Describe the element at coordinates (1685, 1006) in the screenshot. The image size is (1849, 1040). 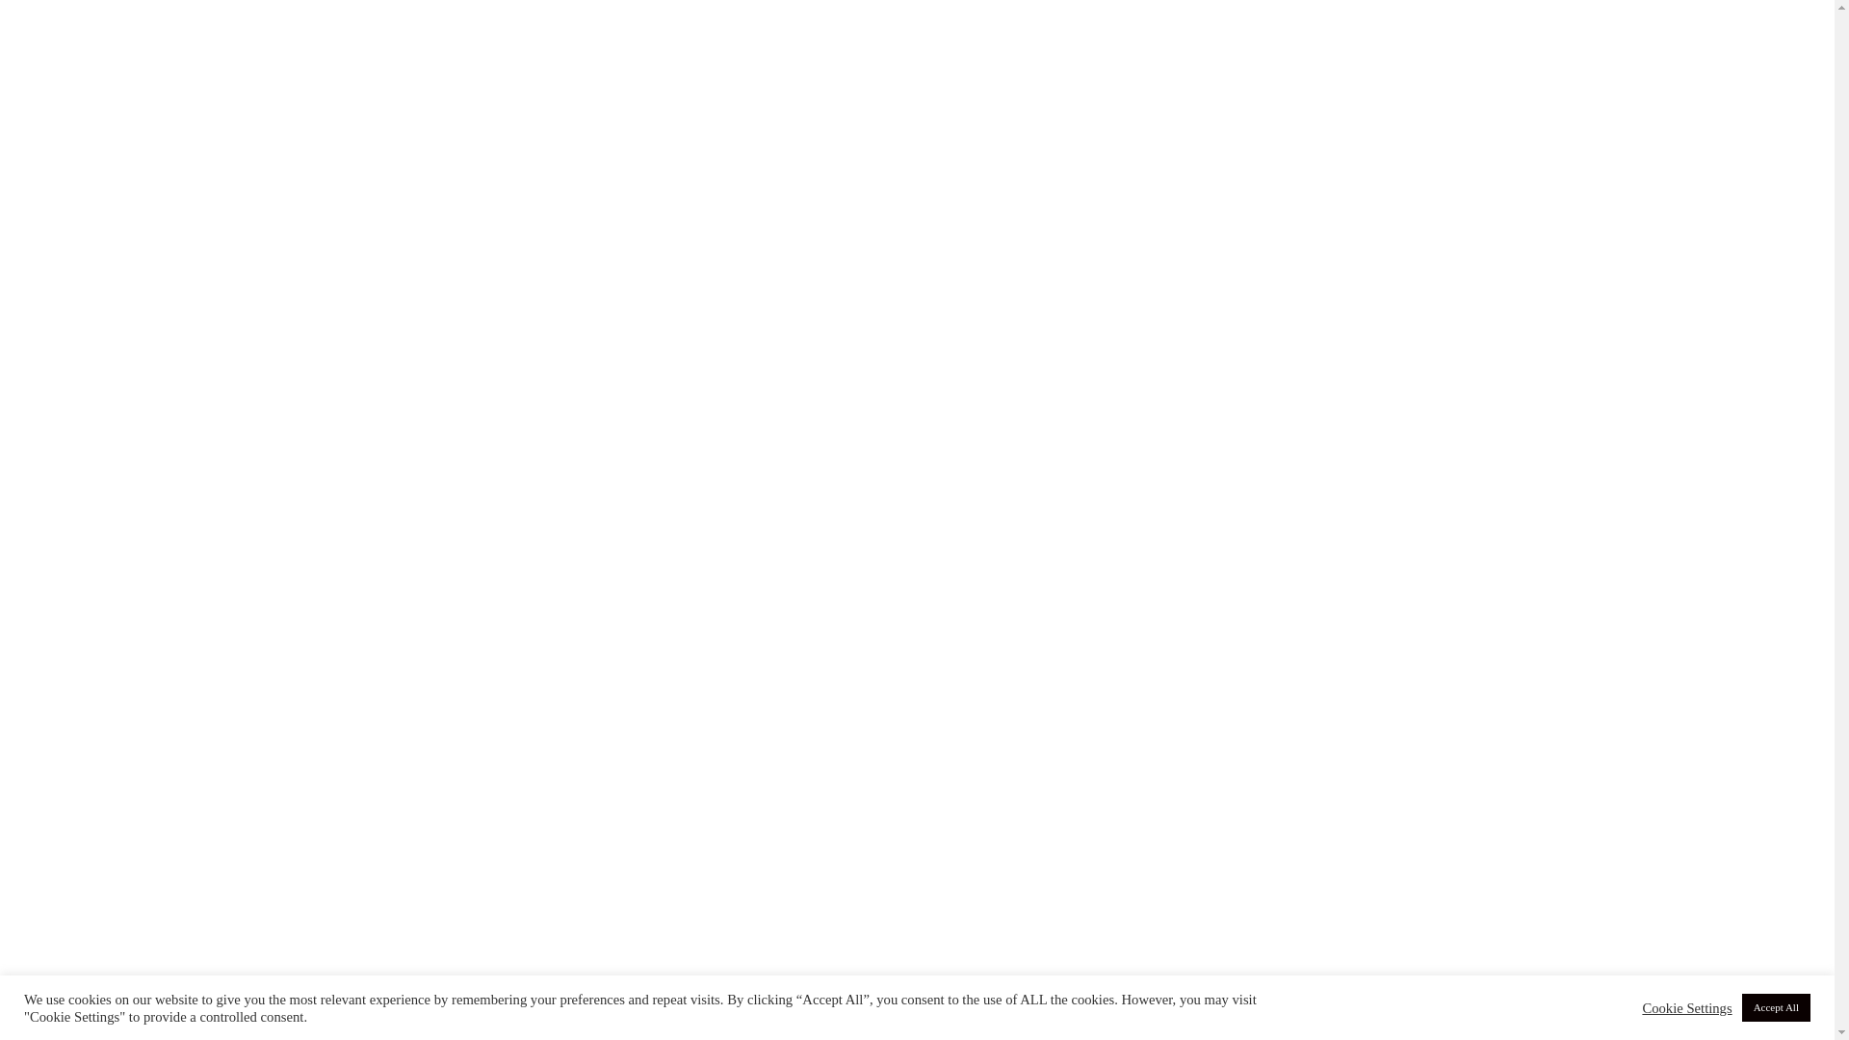
I see `'Cookie Settings'` at that location.